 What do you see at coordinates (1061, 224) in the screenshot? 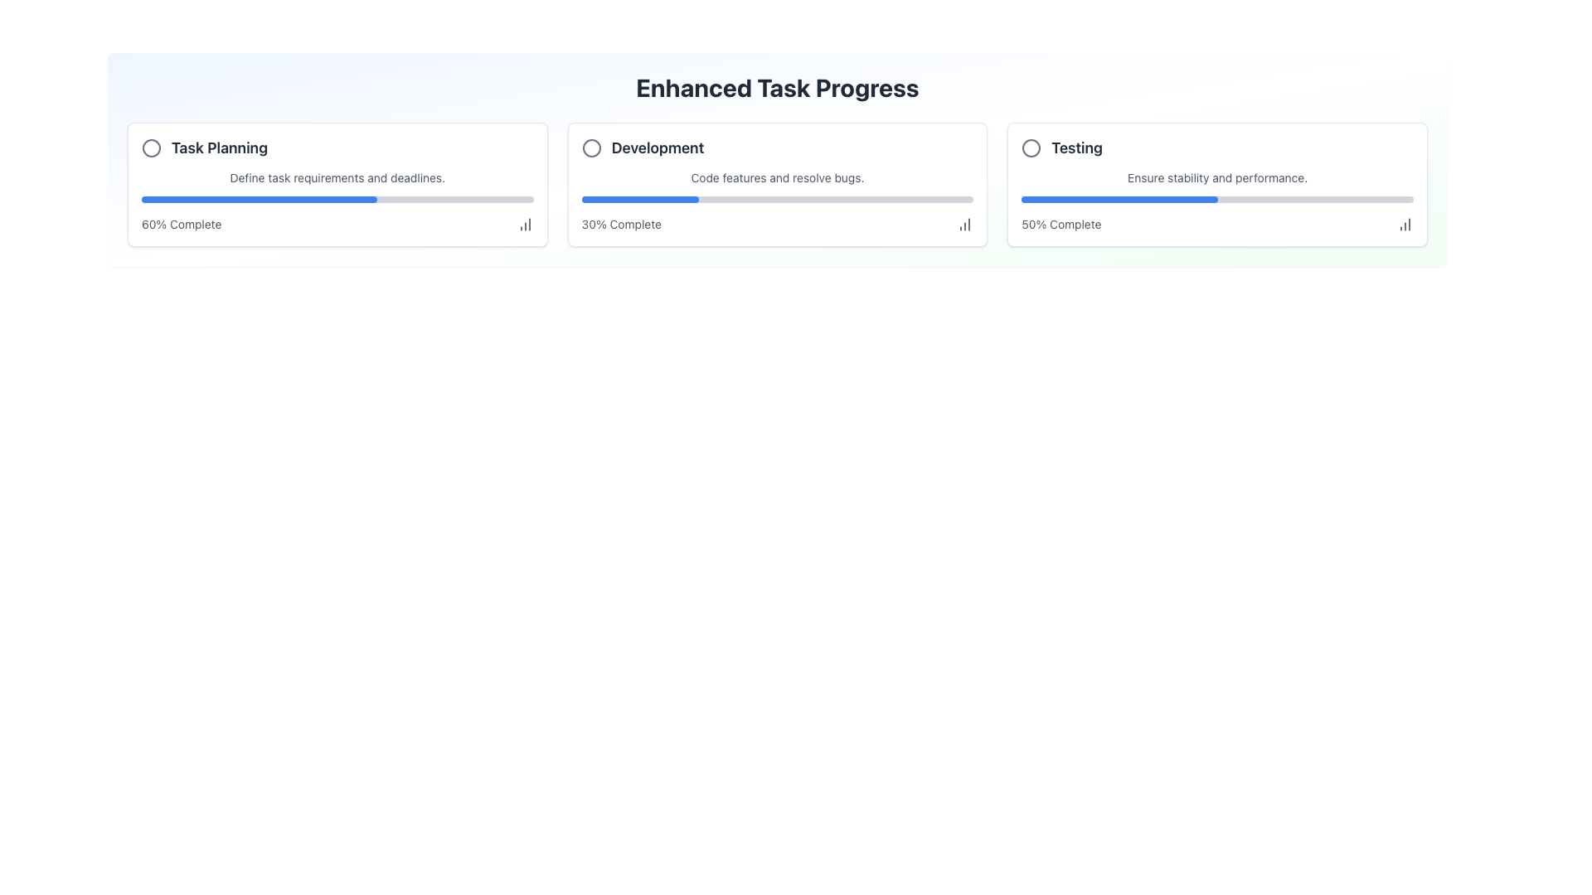
I see `the text label displaying '50% Complete' in gray color, located under the progress bar in the bottom section of the third card` at bounding box center [1061, 224].